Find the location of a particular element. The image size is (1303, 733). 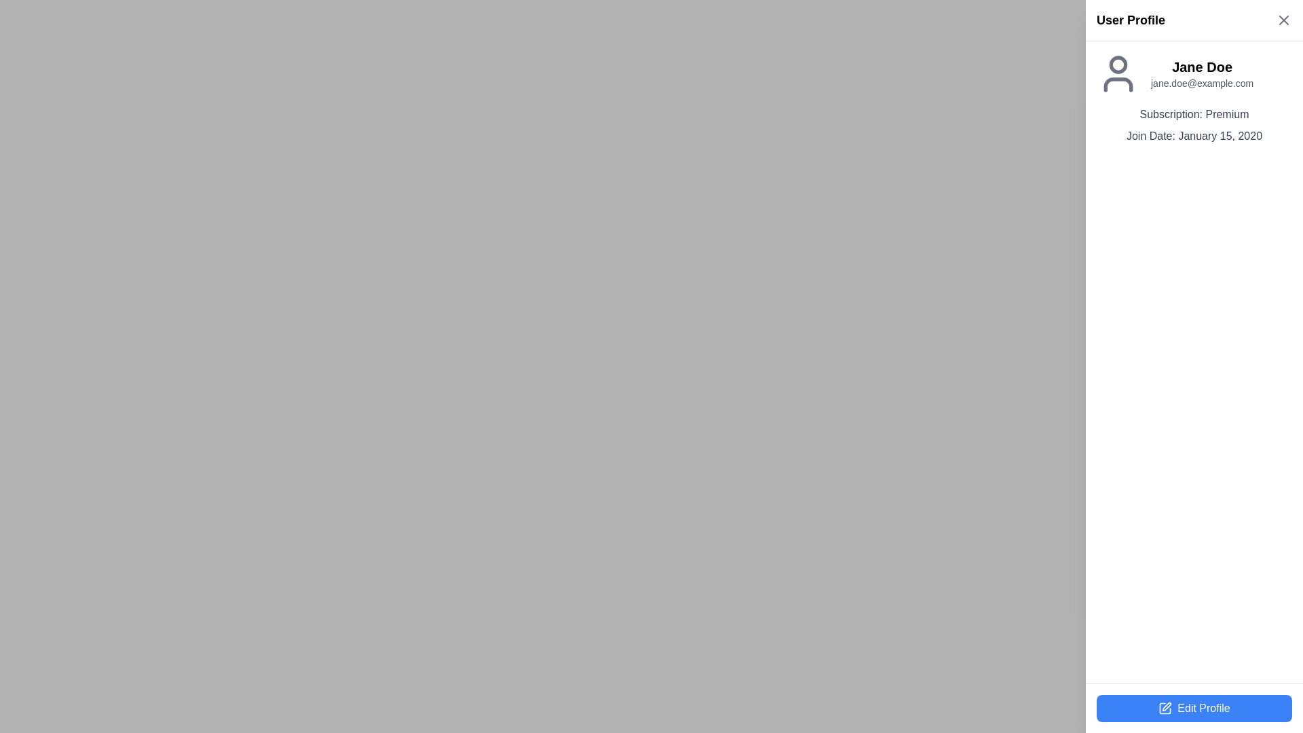

the stylized person outline icon in the profile section, which is located at the top-left area next to 'Jane Doe's' name and email is located at coordinates (1118, 73).